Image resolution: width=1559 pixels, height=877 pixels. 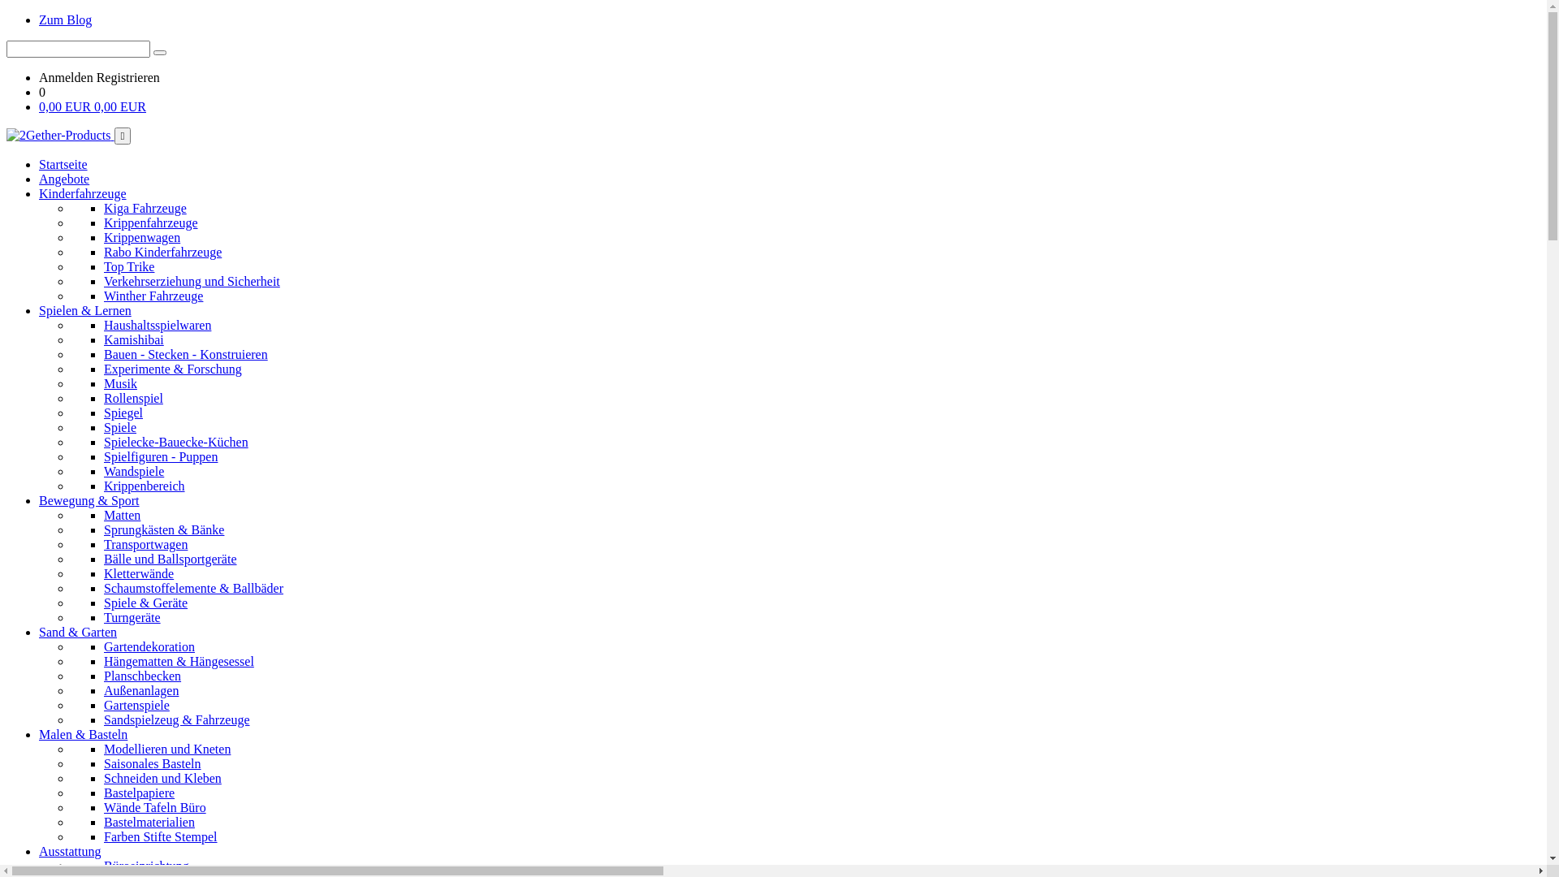 What do you see at coordinates (103, 471) in the screenshot?
I see `'Wandspiele'` at bounding box center [103, 471].